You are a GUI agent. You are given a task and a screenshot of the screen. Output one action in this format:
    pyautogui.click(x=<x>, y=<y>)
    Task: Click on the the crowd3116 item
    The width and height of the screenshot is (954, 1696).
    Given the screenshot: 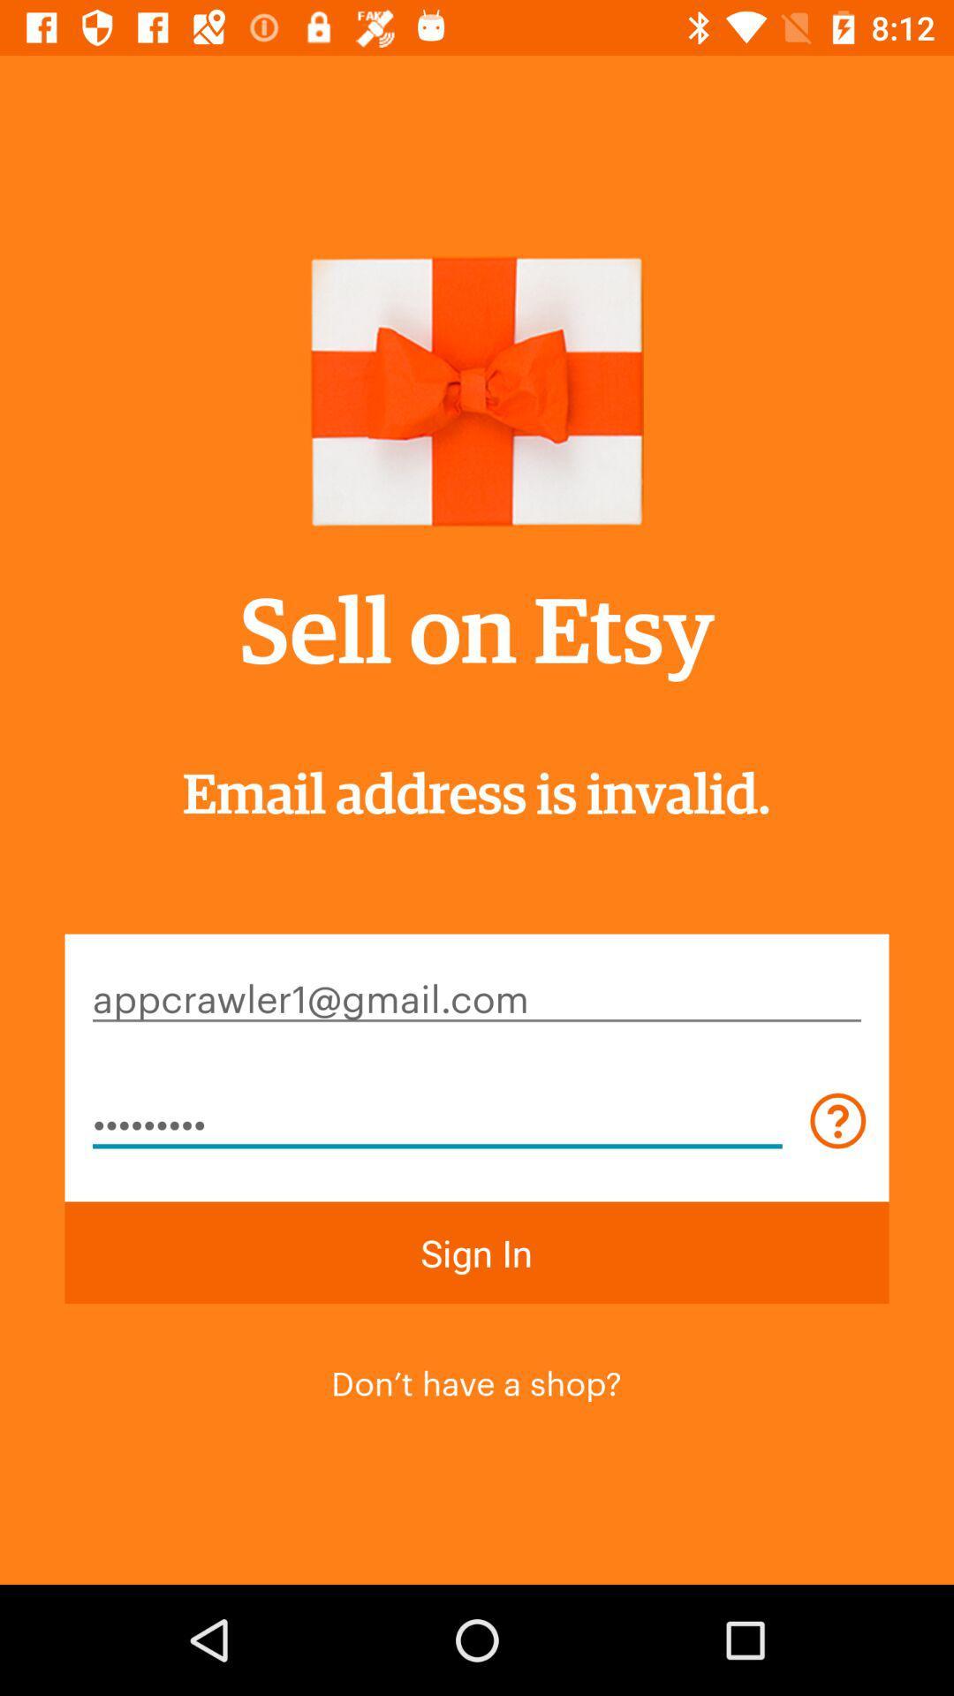 What is the action you would take?
    pyautogui.click(x=437, y=1119)
    